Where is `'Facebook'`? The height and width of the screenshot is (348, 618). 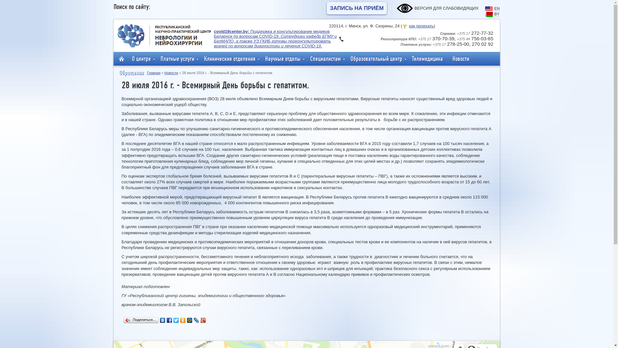
'Facebook' is located at coordinates (169, 320).